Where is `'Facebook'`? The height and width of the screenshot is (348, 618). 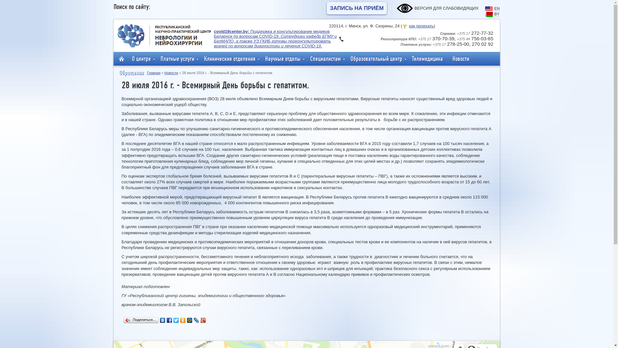
'Facebook' is located at coordinates (169, 320).